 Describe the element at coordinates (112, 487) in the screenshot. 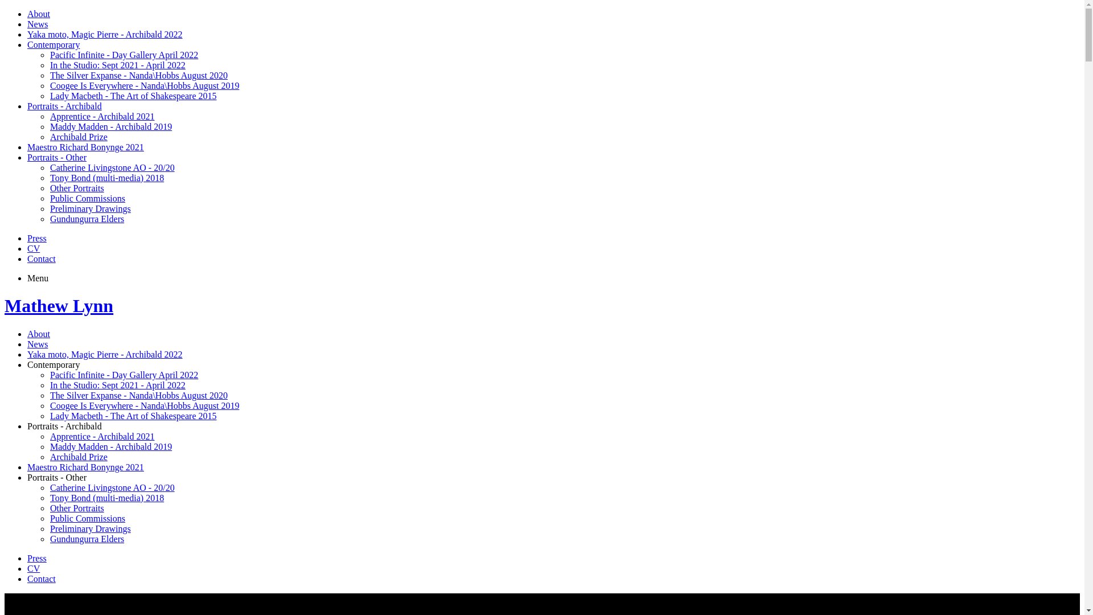

I see `'Catherine Livingstone AO - 20/20'` at that location.